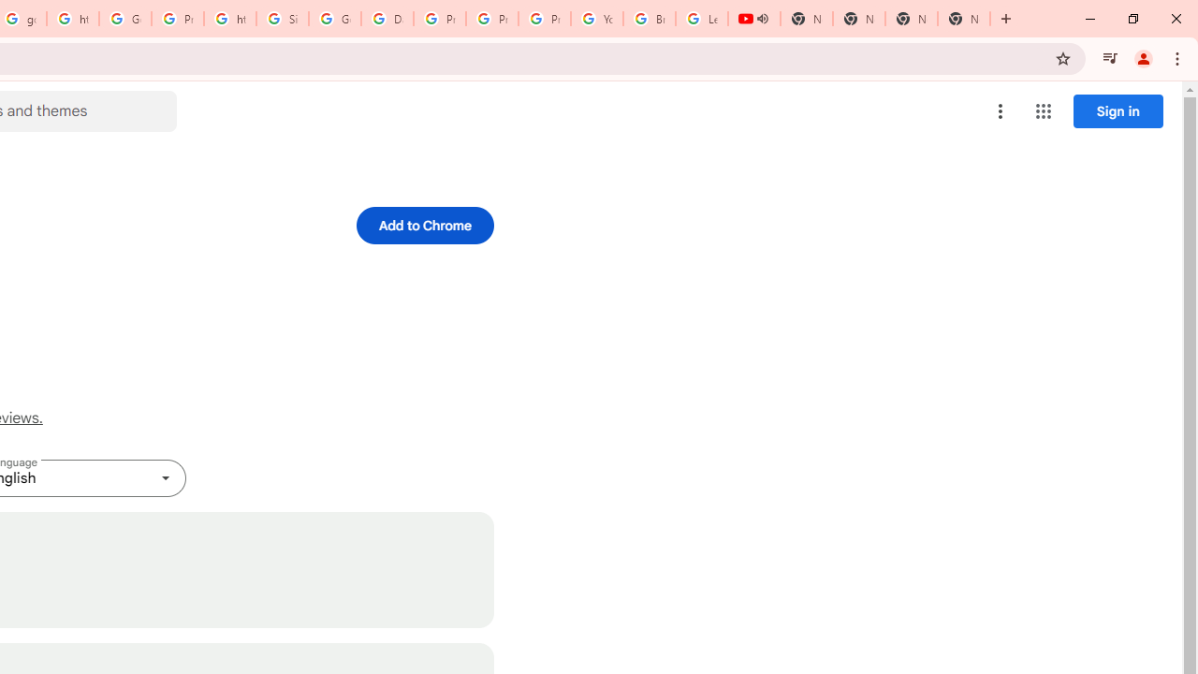 The image size is (1198, 674). Describe the element at coordinates (73, 19) in the screenshot. I see `'https://scholar.google.com/'` at that location.